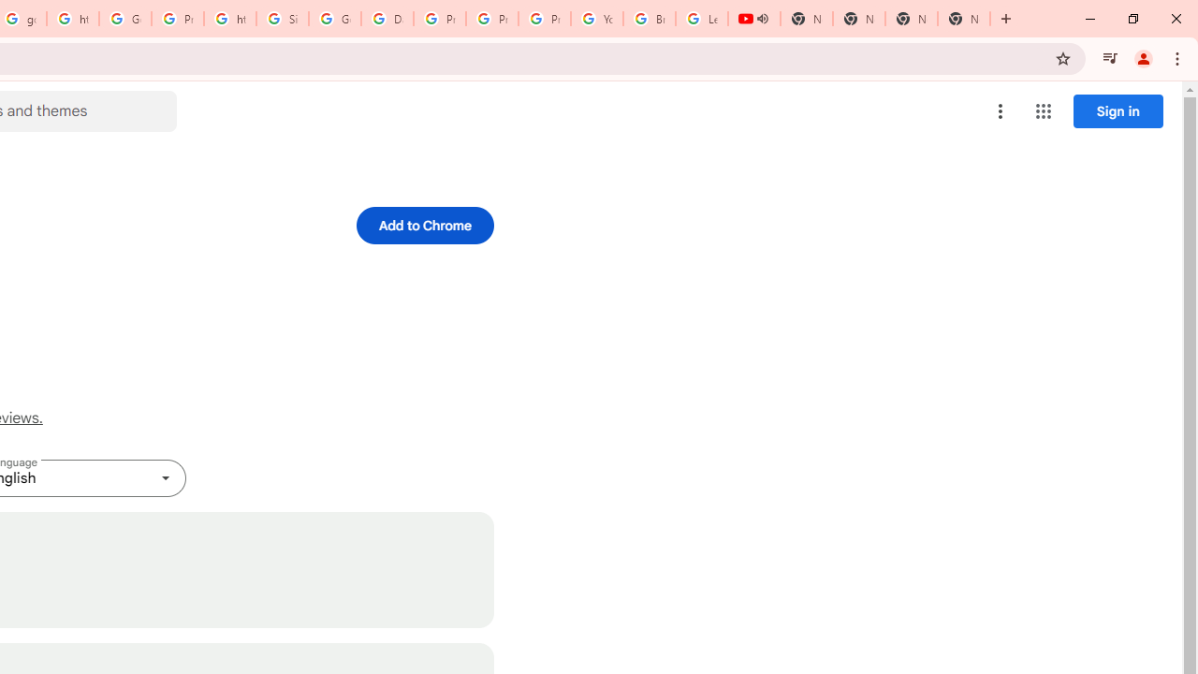 The image size is (1198, 674). Describe the element at coordinates (73, 19) in the screenshot. I see `'https://scholar.google.com/'` at that location.